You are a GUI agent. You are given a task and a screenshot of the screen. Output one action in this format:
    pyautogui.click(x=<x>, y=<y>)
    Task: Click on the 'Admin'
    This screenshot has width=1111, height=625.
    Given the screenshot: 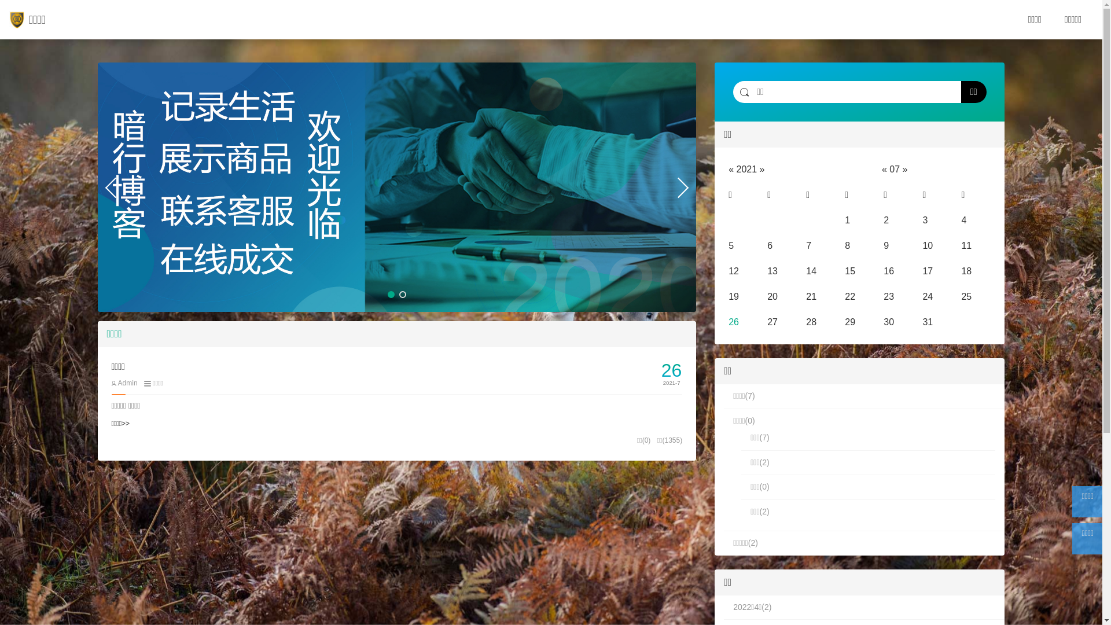 What is the action you would take?
    pyautogui.click(x=124, y=383)
    